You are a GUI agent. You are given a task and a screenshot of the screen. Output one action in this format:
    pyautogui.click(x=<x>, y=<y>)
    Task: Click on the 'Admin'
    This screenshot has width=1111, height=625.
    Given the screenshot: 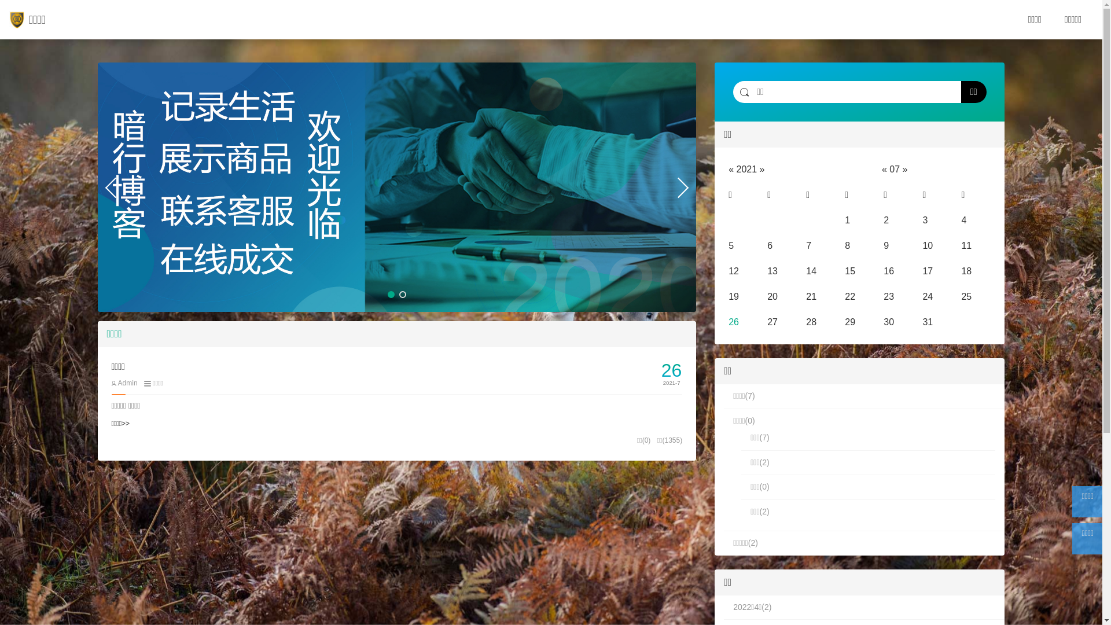 What is the action you would take?
    pyautogui.click(x=124, y=383)
    